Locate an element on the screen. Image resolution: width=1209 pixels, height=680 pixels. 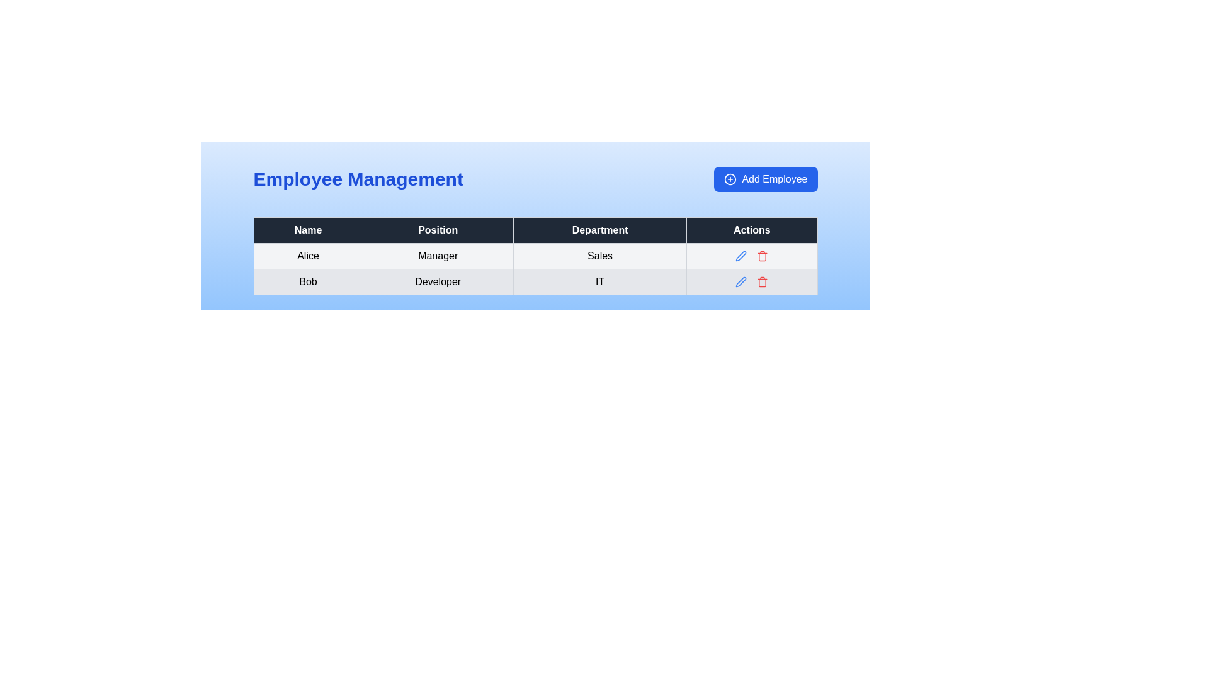
information displayed in the table cell containing the text 'Developer', which is located in the second column of the second row under the 'Position' header, aligned with the row labeled 'Bob' is located at coordinates (438, 281).